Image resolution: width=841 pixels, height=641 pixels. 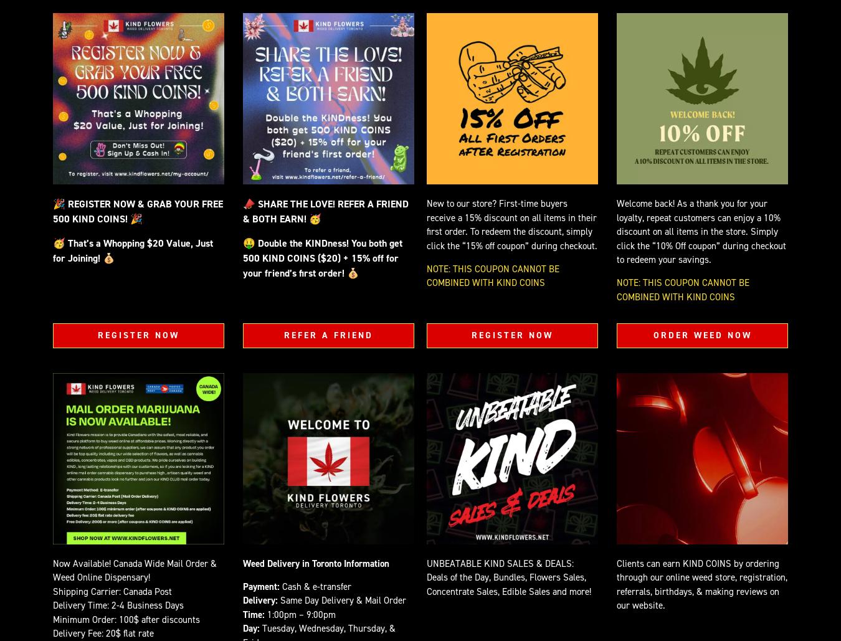 I want to click on 'Delivery:', so click(x=260, y=599).